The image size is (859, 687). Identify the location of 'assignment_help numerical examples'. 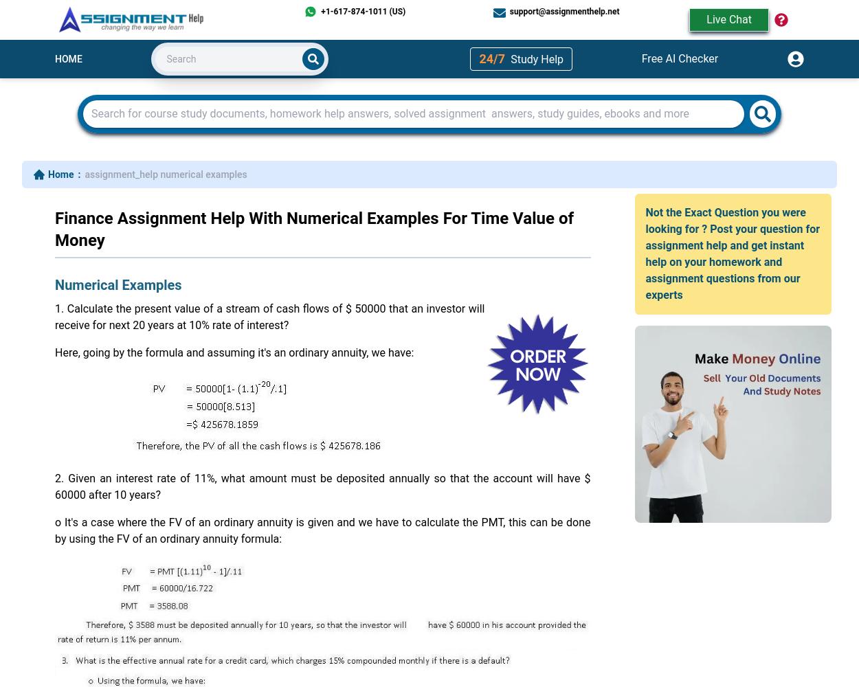
(165, 174).